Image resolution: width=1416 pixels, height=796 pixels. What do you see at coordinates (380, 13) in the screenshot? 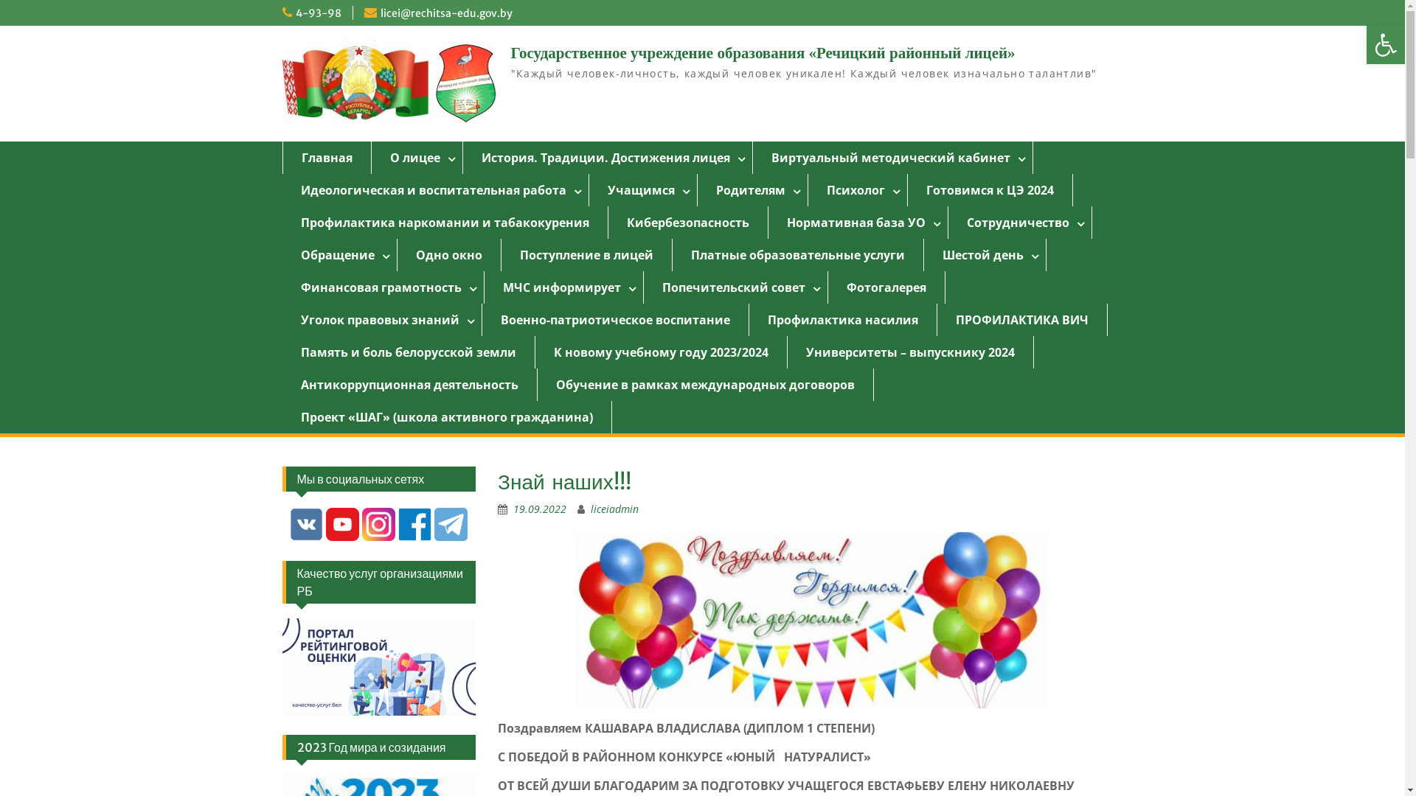
I see `'licei@rechitsa-edu.gov.by'` at bounding box center [380, 13].